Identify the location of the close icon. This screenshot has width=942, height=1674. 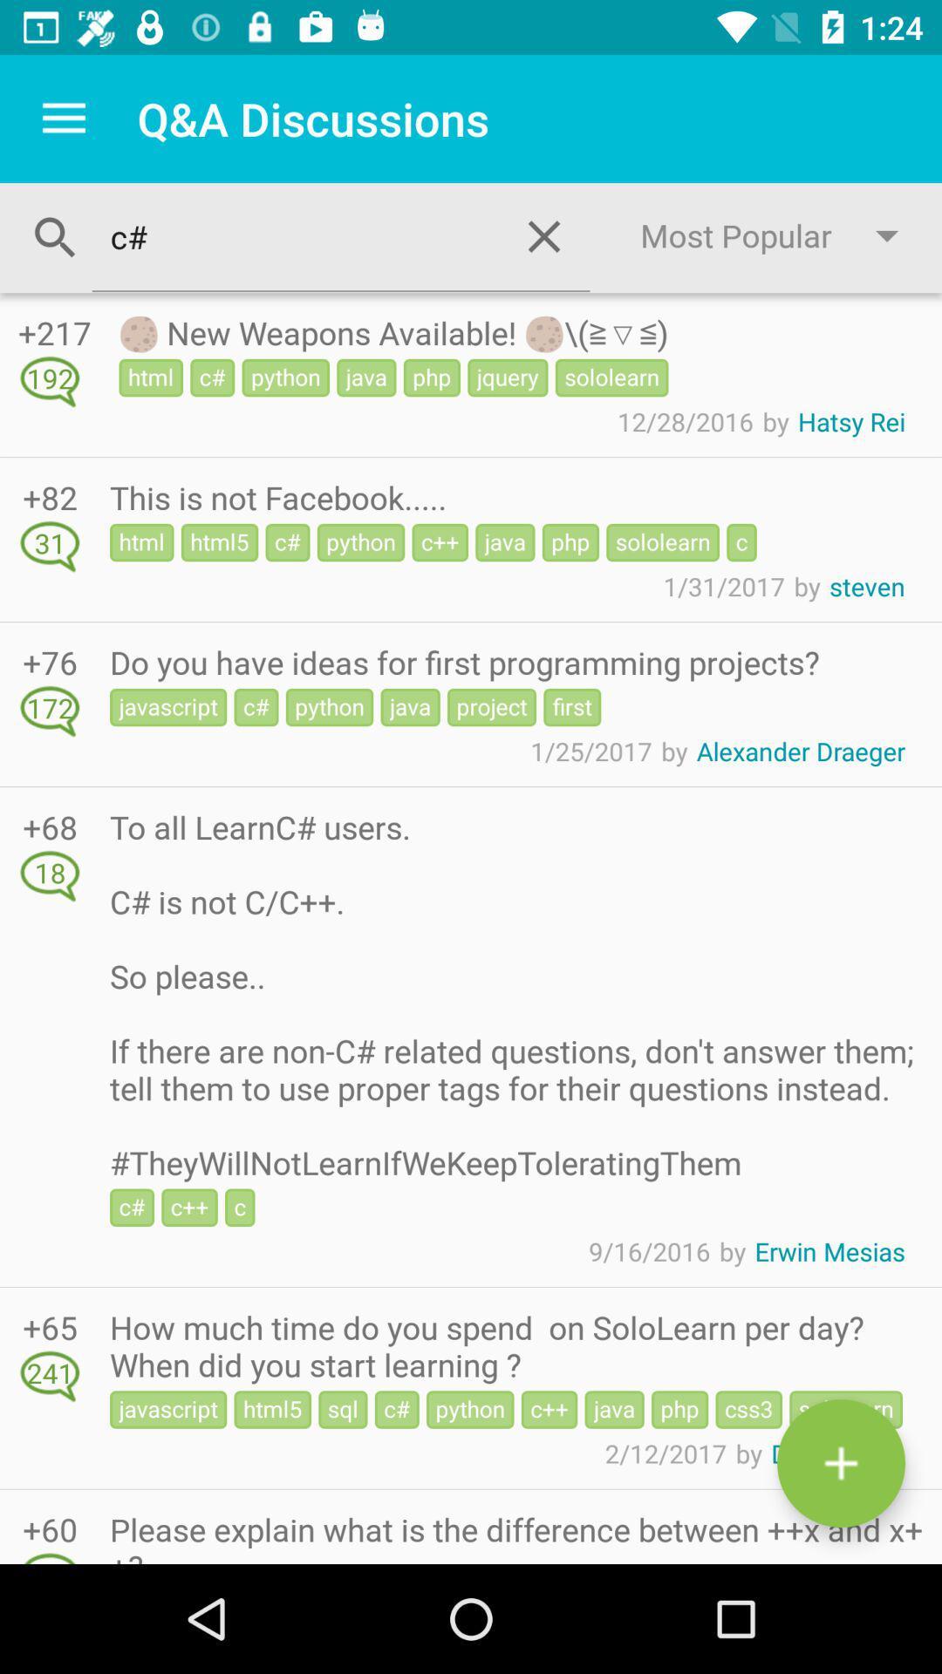
(543, 235).